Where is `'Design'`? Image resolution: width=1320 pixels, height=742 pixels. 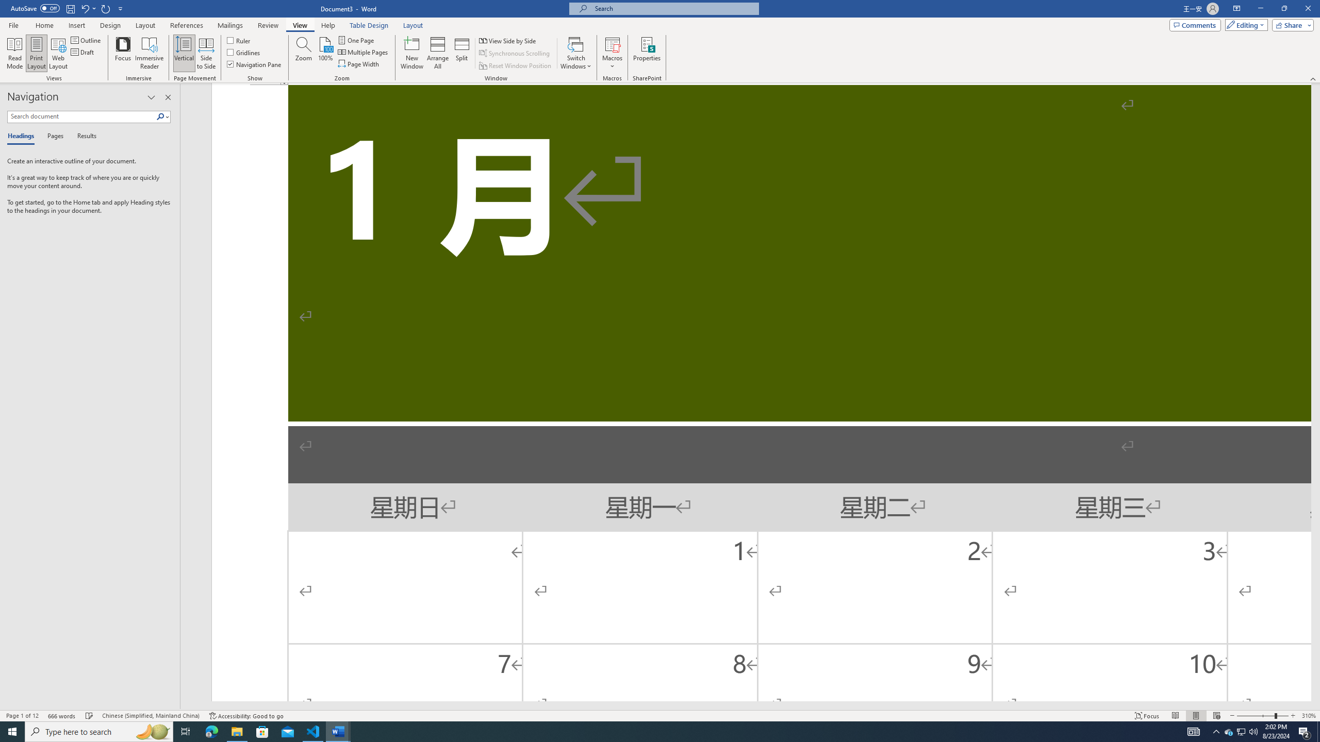
'Design' is located at coordinates (111, 25).